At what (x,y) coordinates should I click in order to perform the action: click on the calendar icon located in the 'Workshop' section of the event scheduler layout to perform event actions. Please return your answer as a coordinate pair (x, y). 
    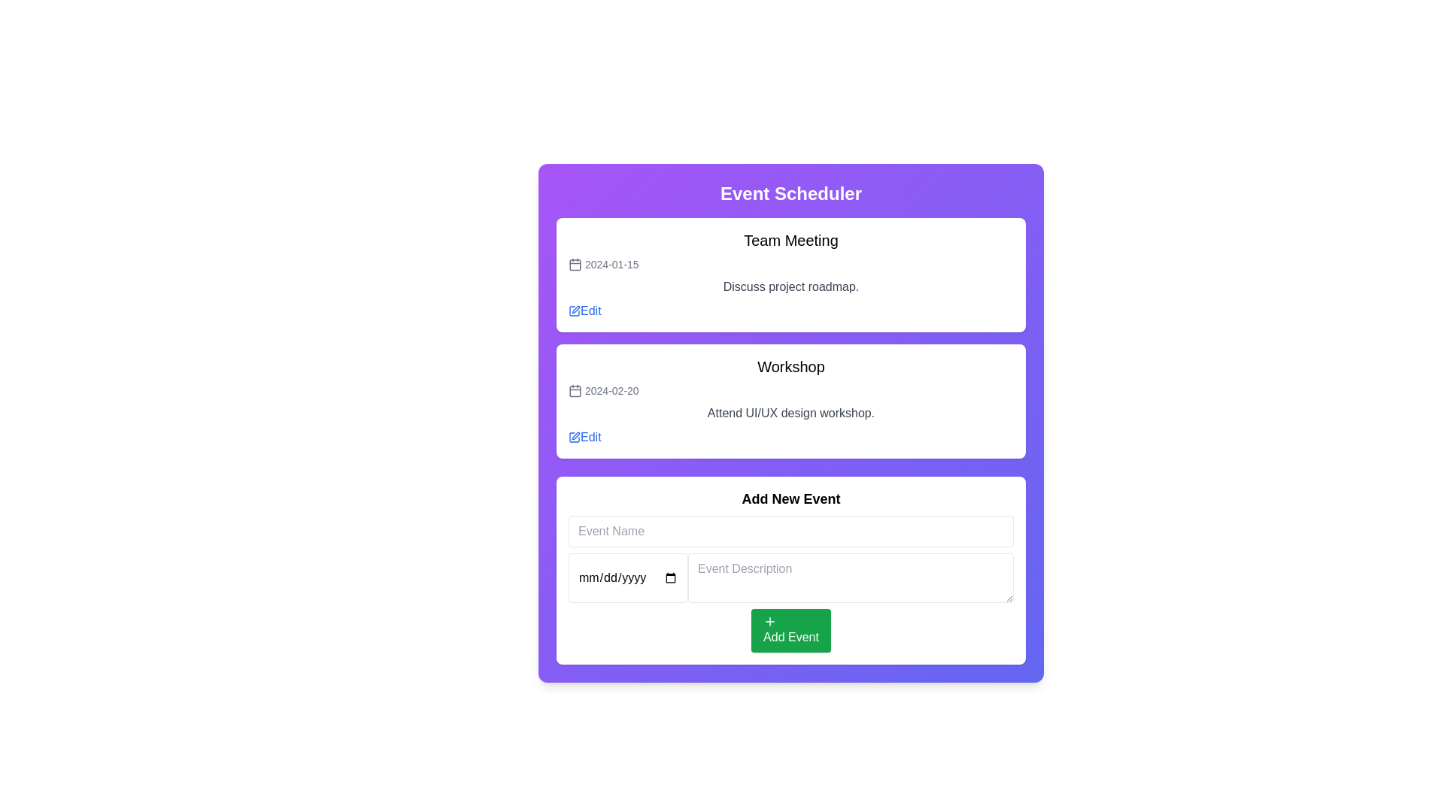
    Looking at the image, I should click on (574, 390).